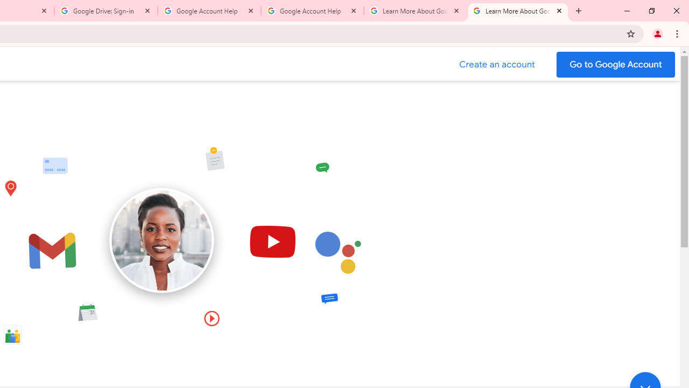 Image resolution: width=689 pixels, height=388 pixels. Describe the element at coordinates (497, 64) in the screenshot. I see `'Create a Google Account'` at that location.